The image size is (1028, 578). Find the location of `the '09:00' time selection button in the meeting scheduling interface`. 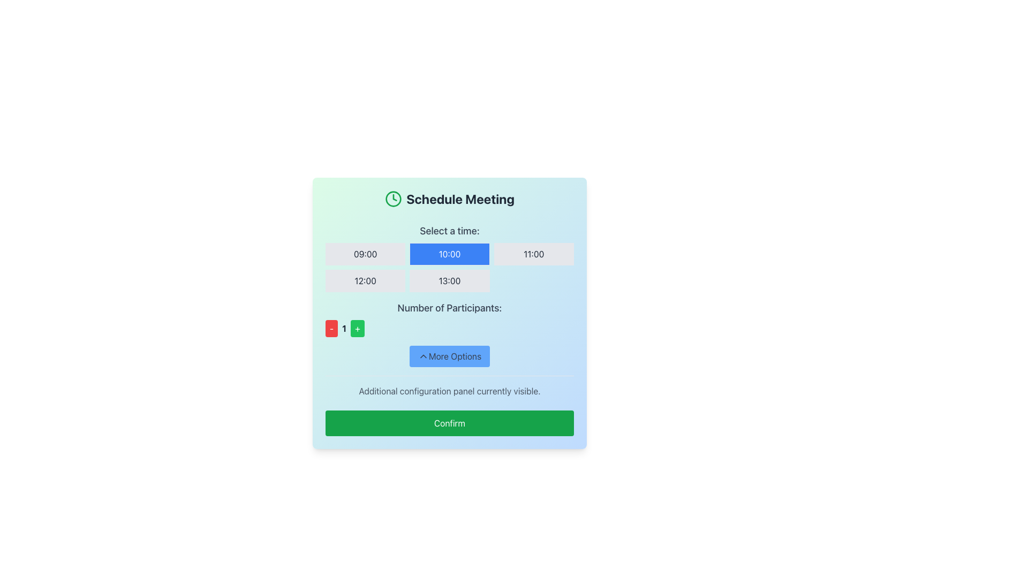

the '09:00' time selection button in the meeting scheduling interface is located at coordinates (365, 254).